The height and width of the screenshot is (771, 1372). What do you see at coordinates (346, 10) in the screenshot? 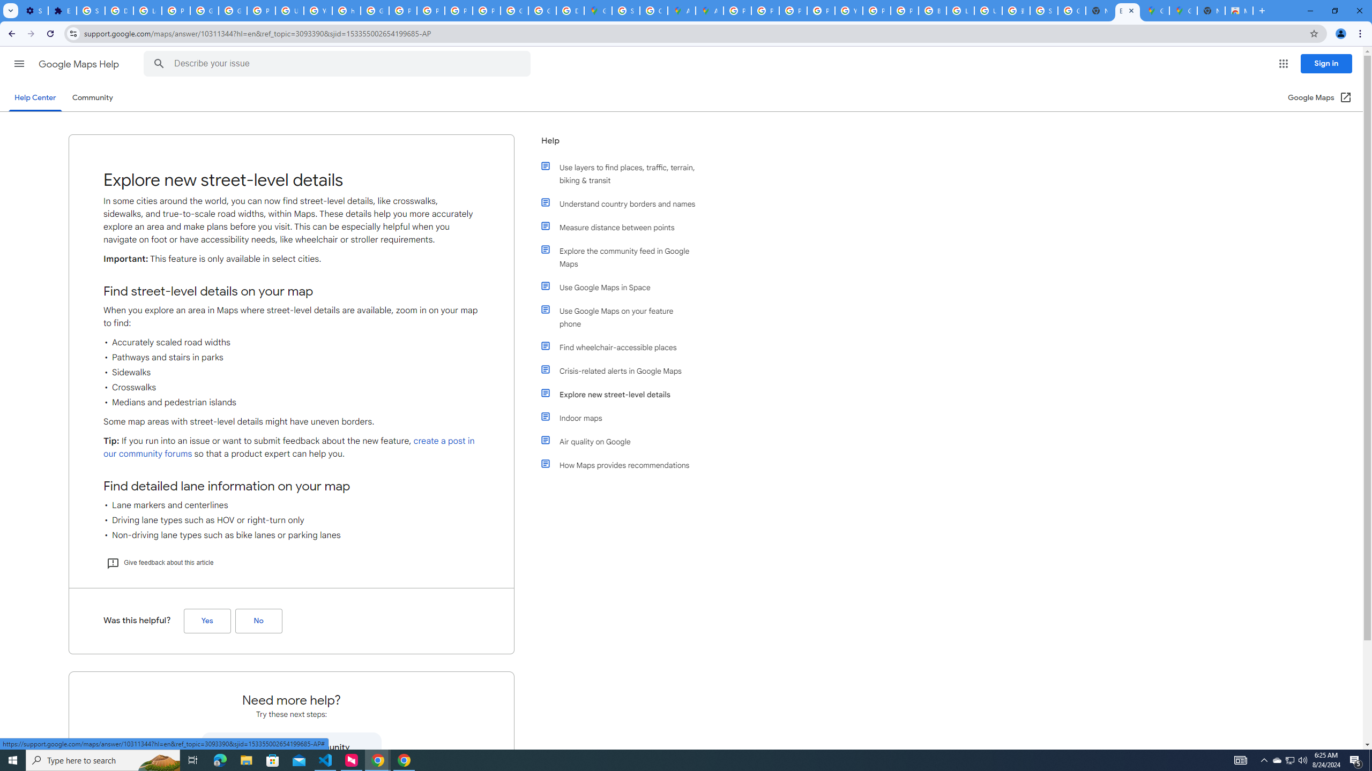
I see `'https://scholar.google.com/'` at bounding box center [346, 10].